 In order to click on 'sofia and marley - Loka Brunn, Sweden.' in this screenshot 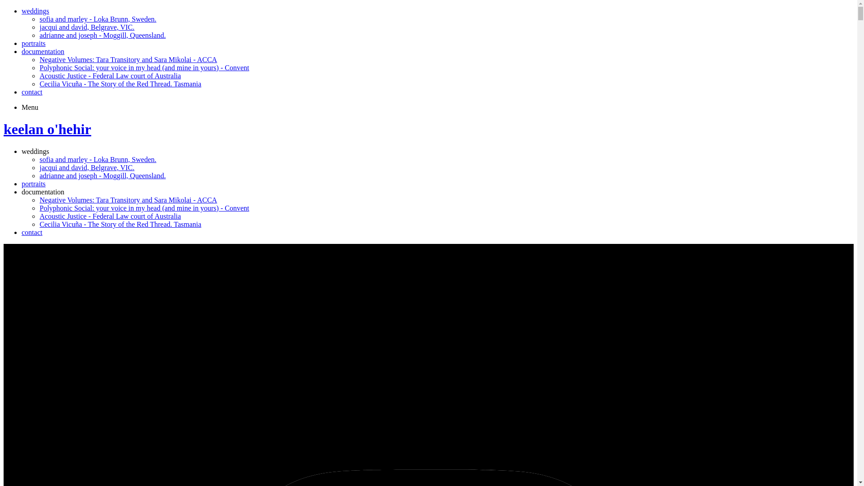, I will do `click(98, 19)`.